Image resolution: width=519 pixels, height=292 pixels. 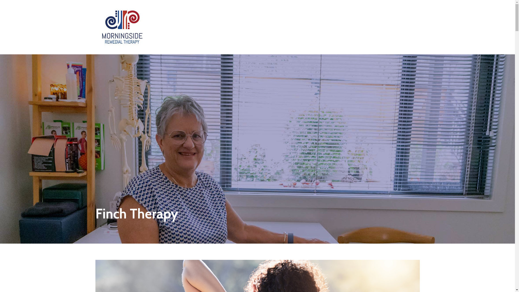 I want to click on 'CLIENTS', so click(x=328, y=12).